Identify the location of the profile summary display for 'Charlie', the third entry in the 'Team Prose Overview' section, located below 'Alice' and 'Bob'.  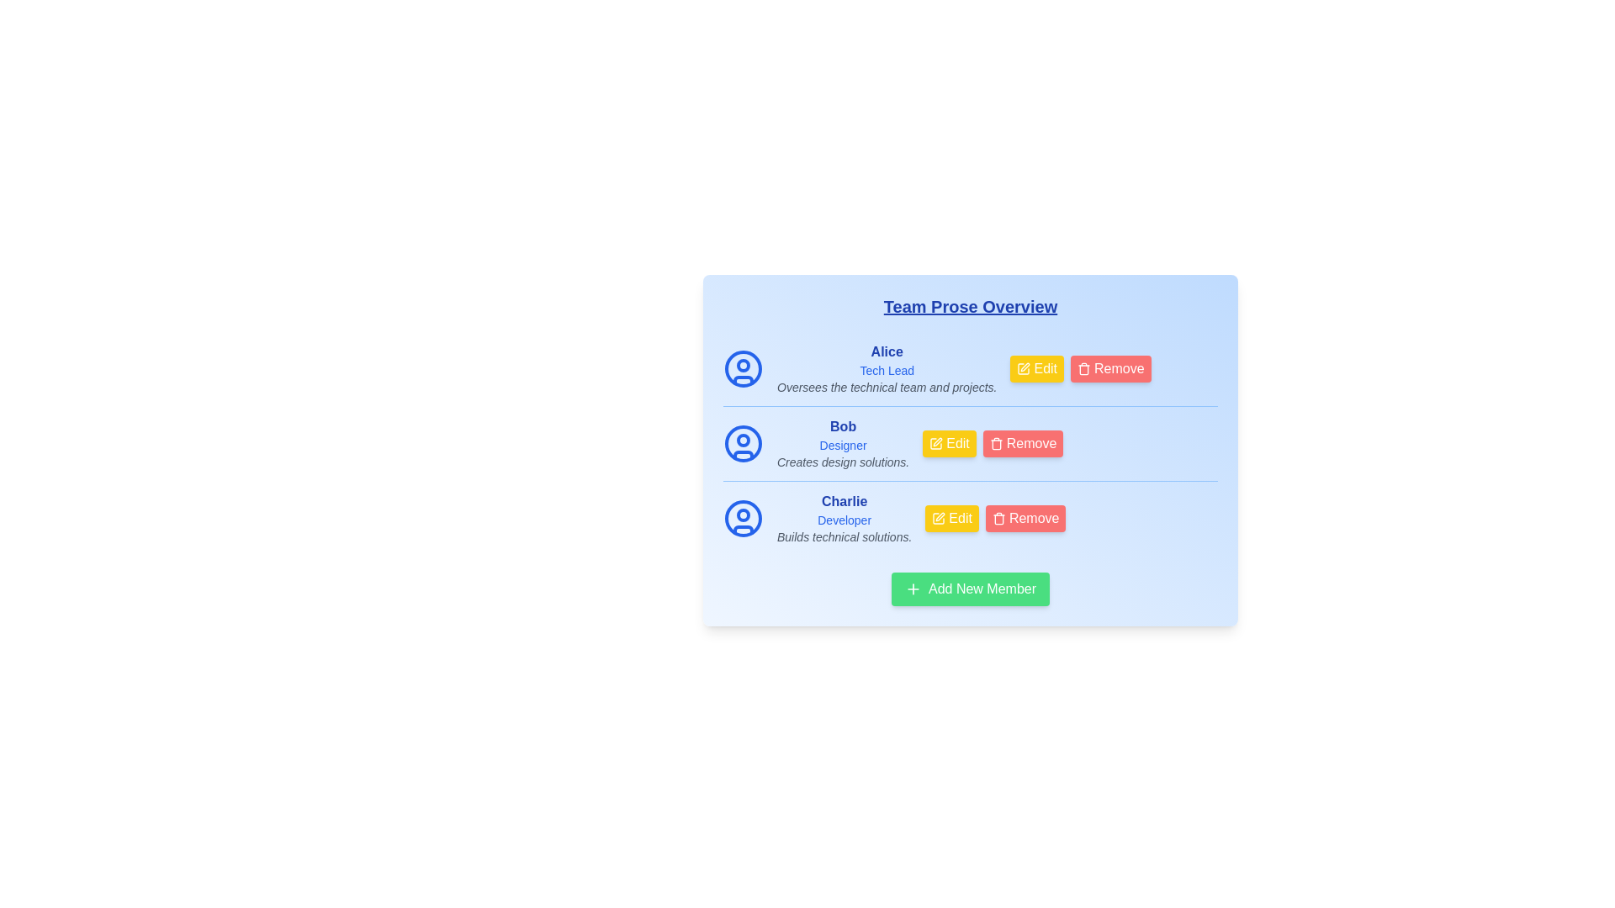
(845, 518).